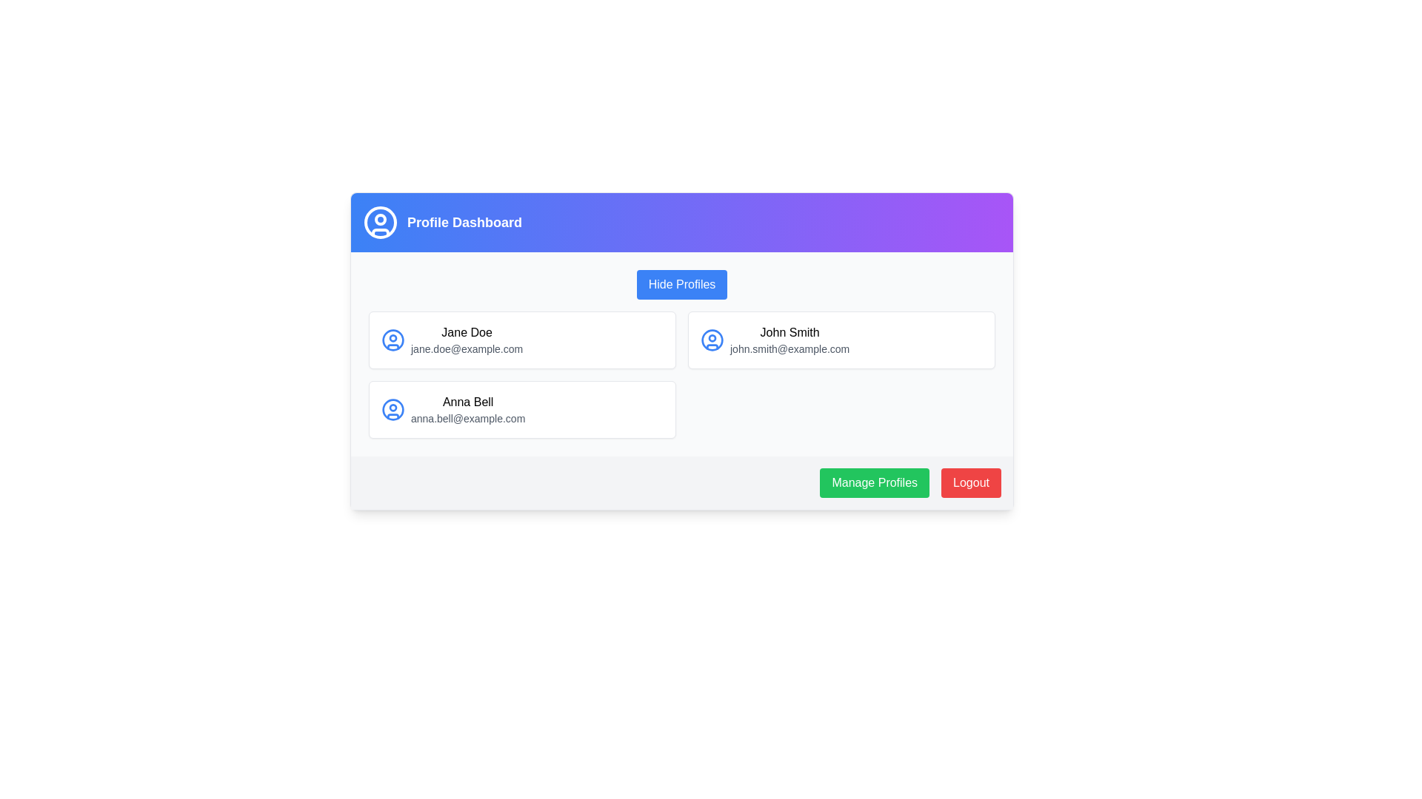 The image size is (1422, 799). I want to click on the text label displaying the name 'John Smith' in the profile card under the 'Profile Dashboard' section, positioned above the email text, so click(789, 333).